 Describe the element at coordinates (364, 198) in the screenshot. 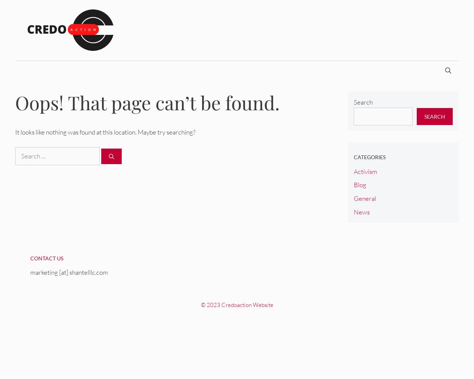

I see `'General'` at that location.